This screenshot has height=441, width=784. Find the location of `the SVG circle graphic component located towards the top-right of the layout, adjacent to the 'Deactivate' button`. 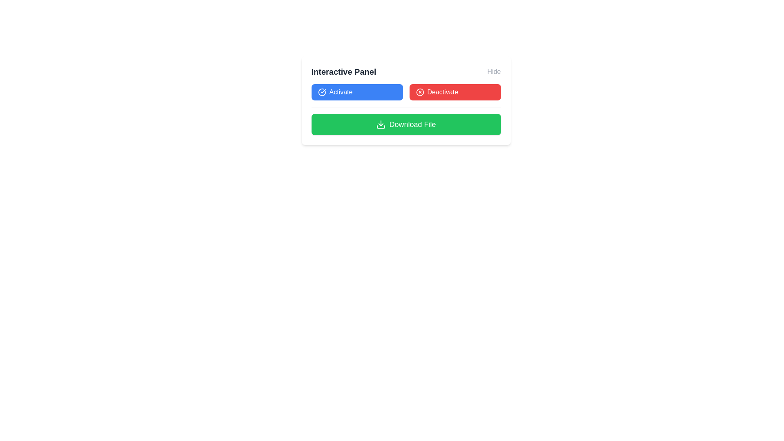

the SVG circle graphic component located towards the top-right of the layout, adjacent to the 'Deactivate' button is located at coordinates (420, 92).